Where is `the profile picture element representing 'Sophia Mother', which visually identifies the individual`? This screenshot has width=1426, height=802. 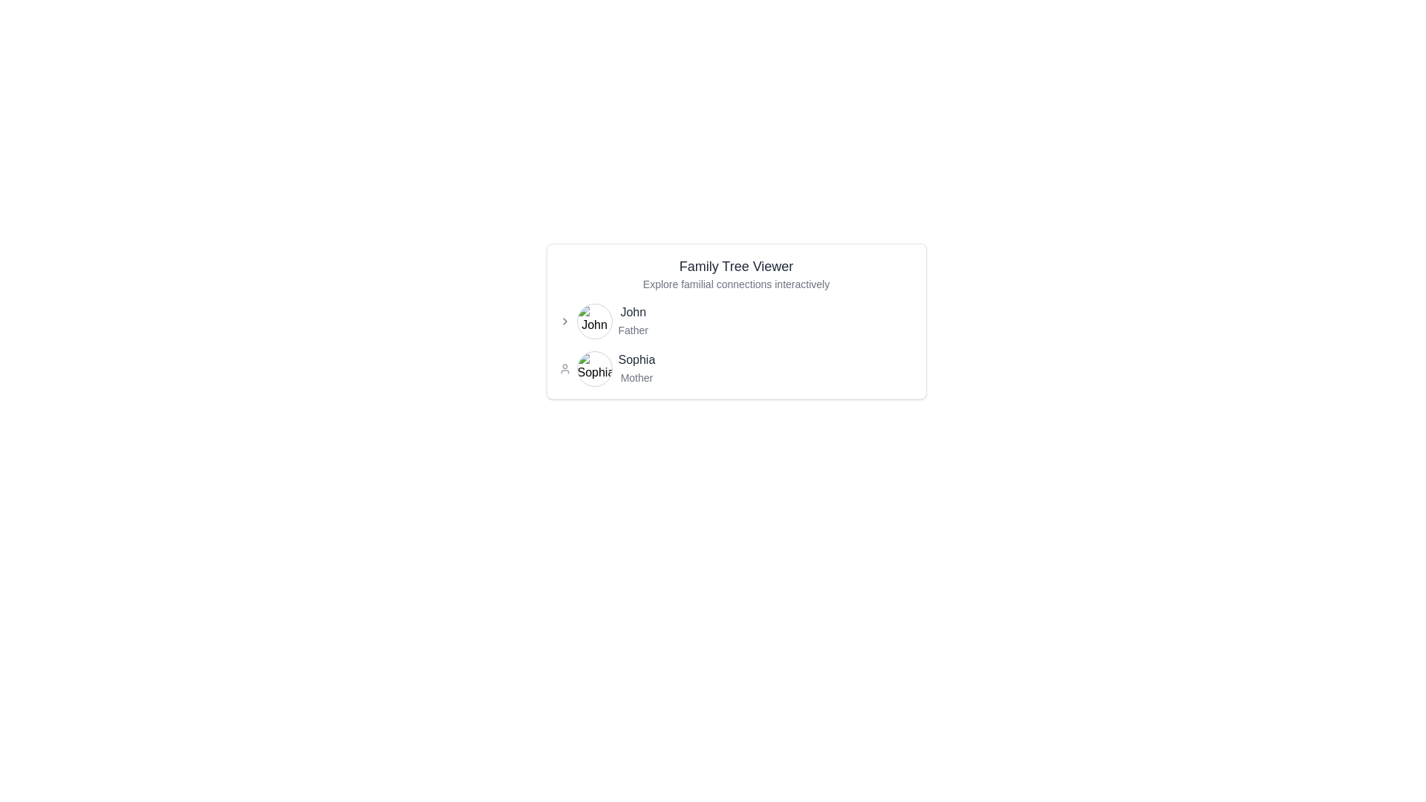 the profile picture element representing 'Sophia Mother', which visually identifies the individual is located at coordinates (594, 368).